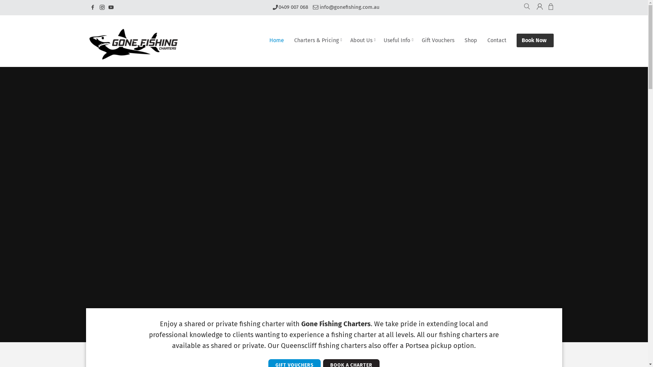  Describe the element at coordinates (290, 8) in the screenshot. I see `'0409 007 068'` at that location.